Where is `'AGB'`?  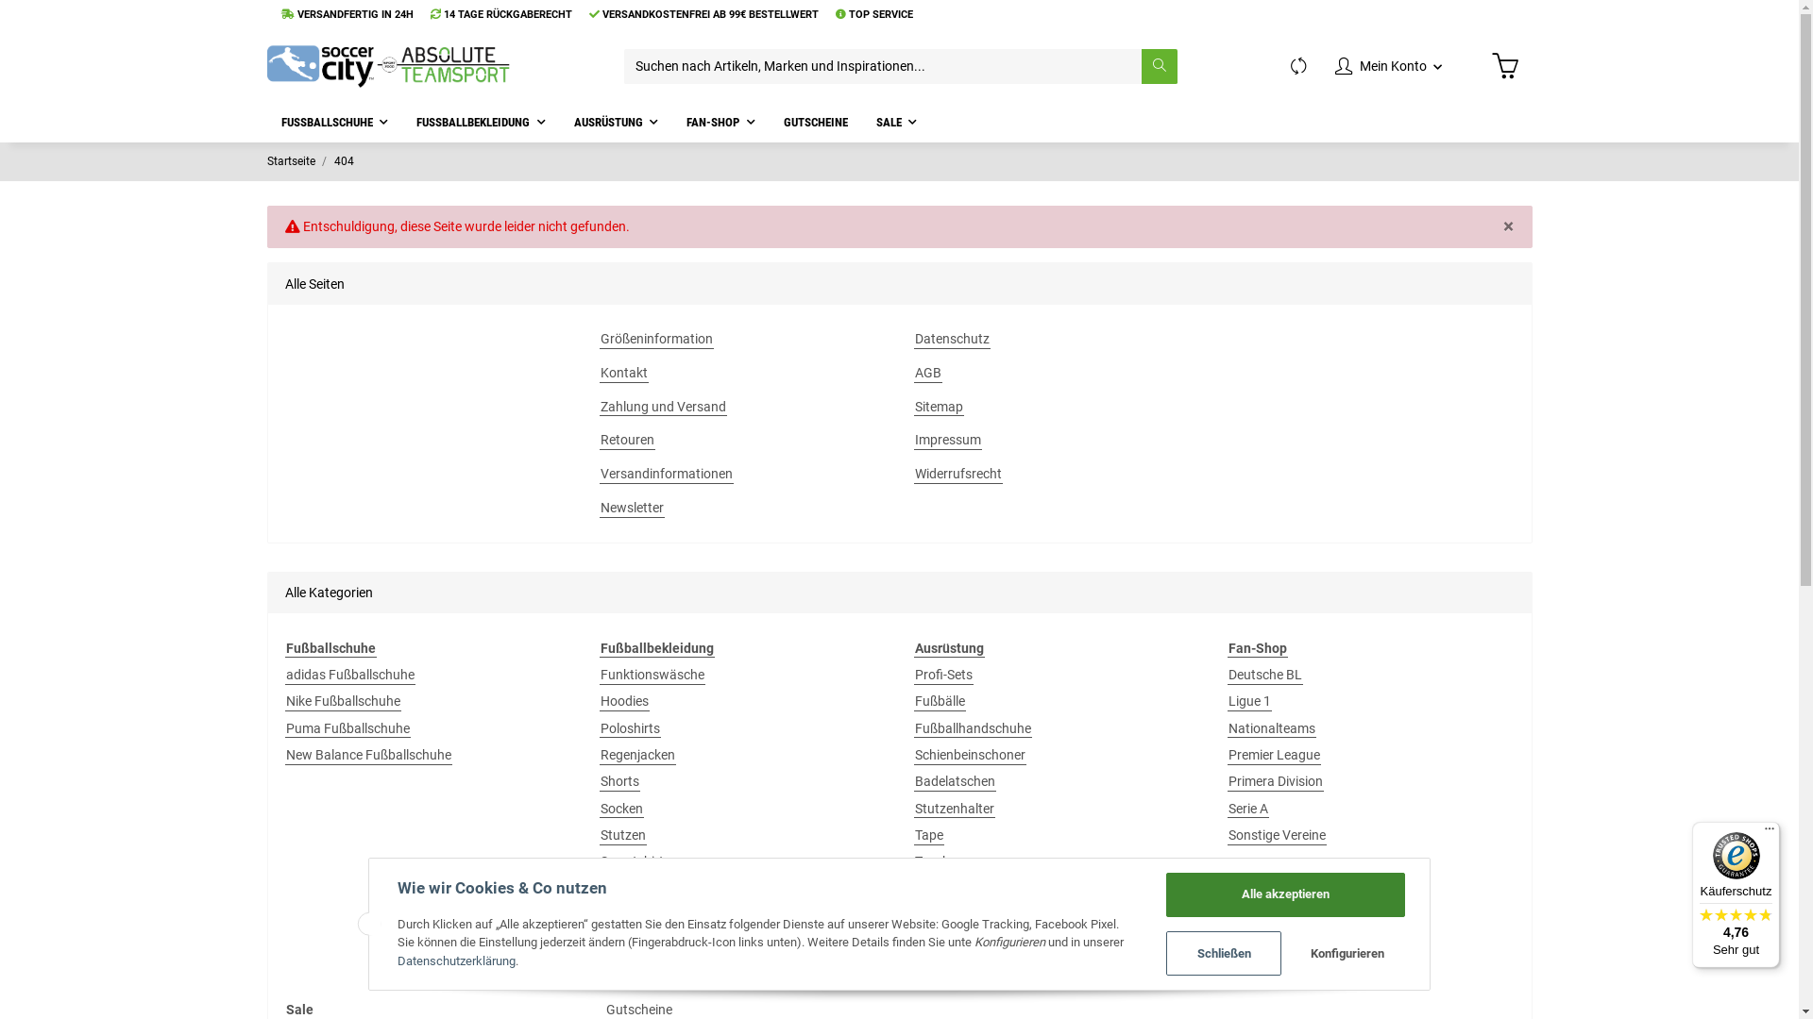
'AGB' is located at coordinates (914, 373).